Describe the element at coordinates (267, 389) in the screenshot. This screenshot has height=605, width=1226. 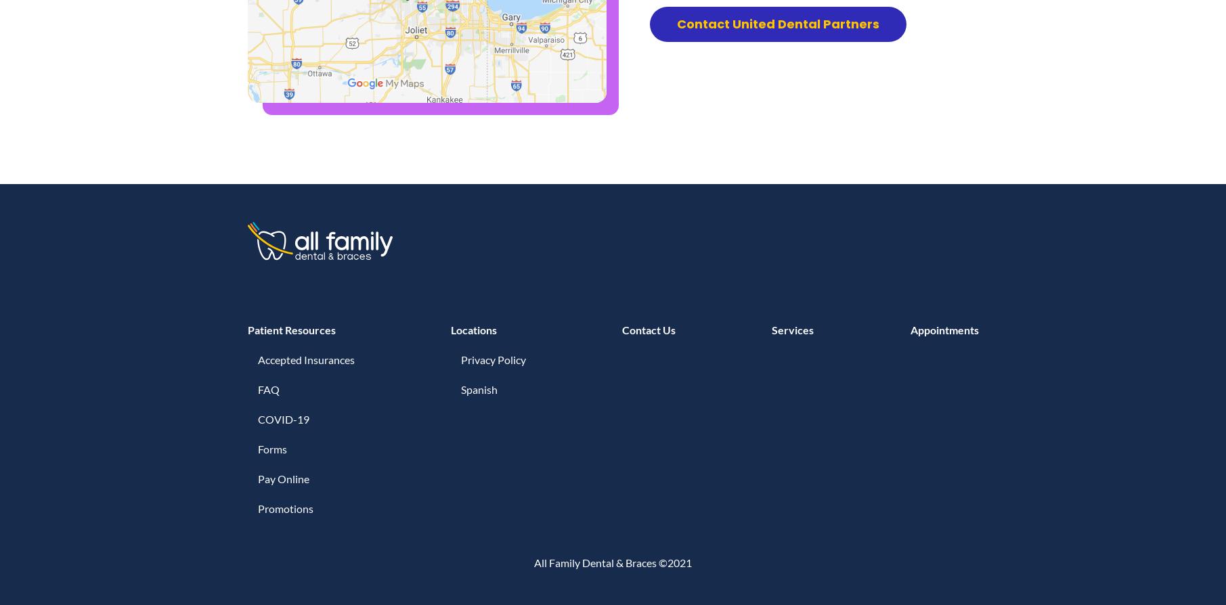
I see `'FAQ'` at that location.